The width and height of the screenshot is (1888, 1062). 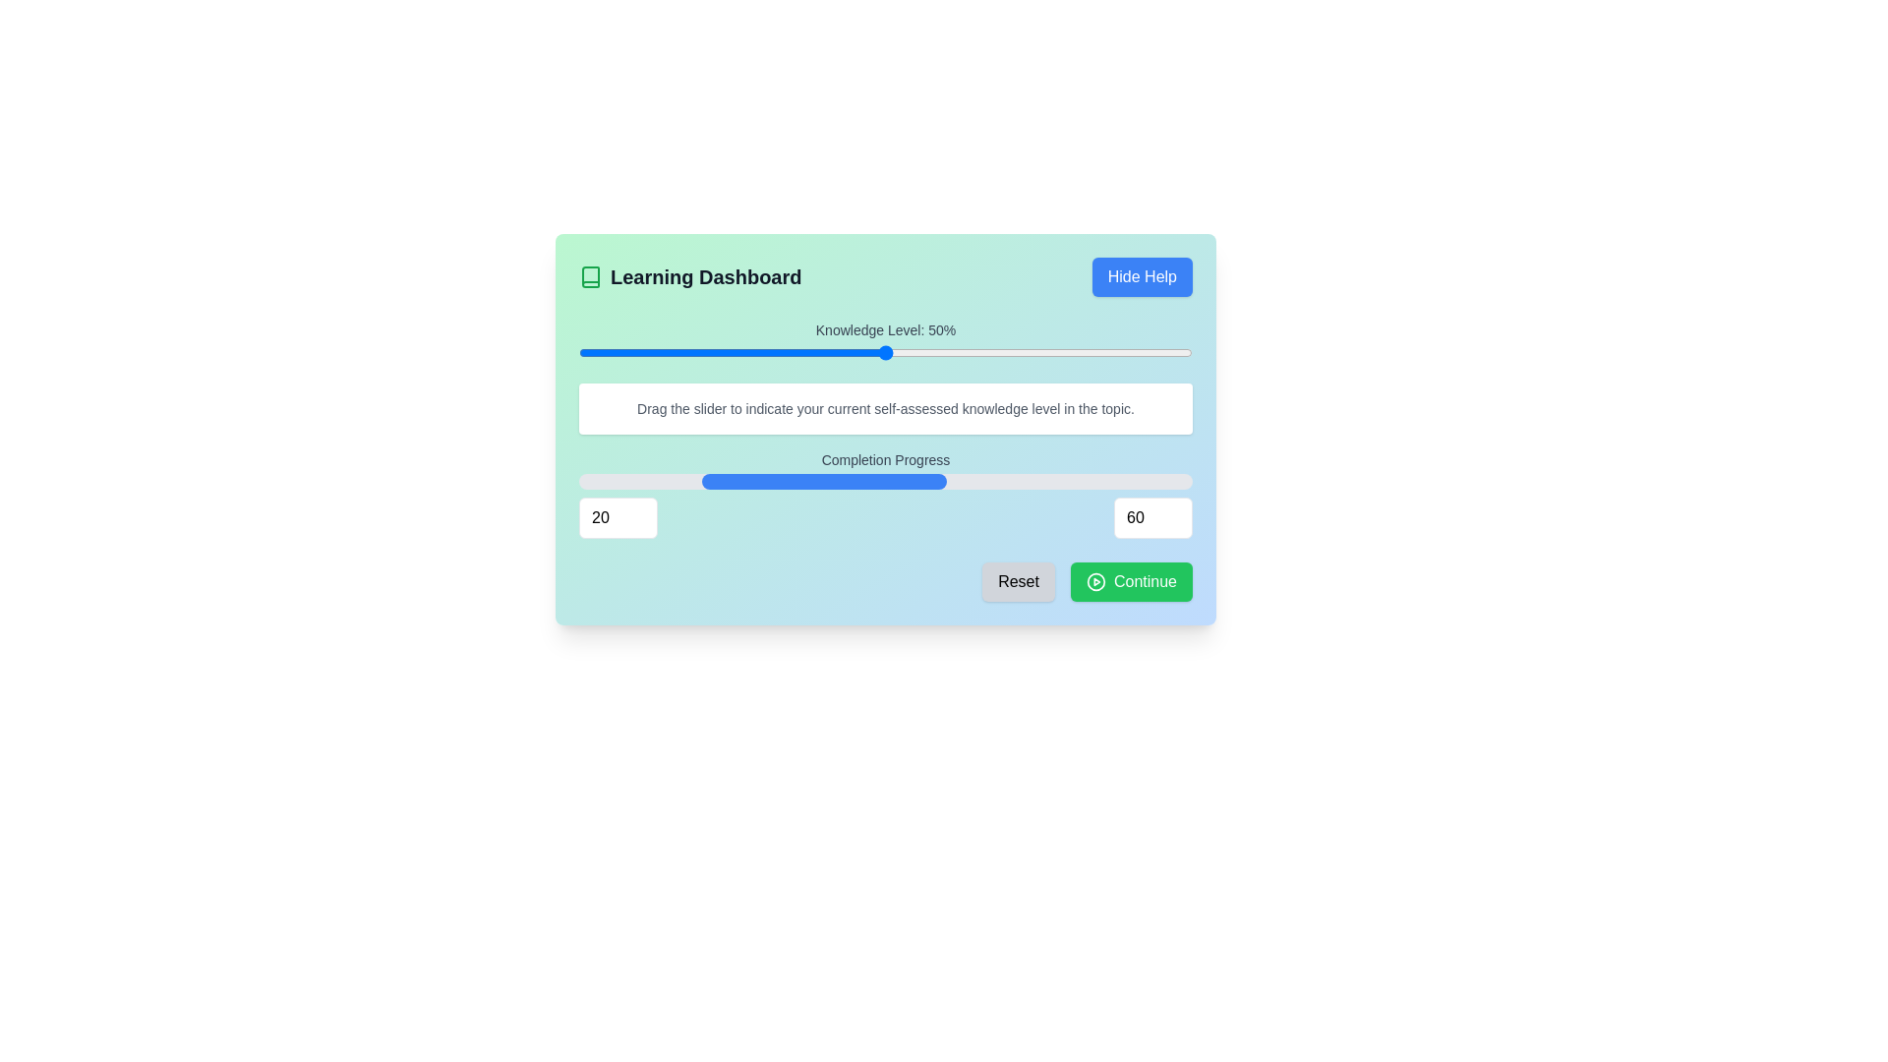 What do you see at coordinates (1119, 351) in the screenshot?
I see `the knowledge level` at bounding box center [1119, 351].